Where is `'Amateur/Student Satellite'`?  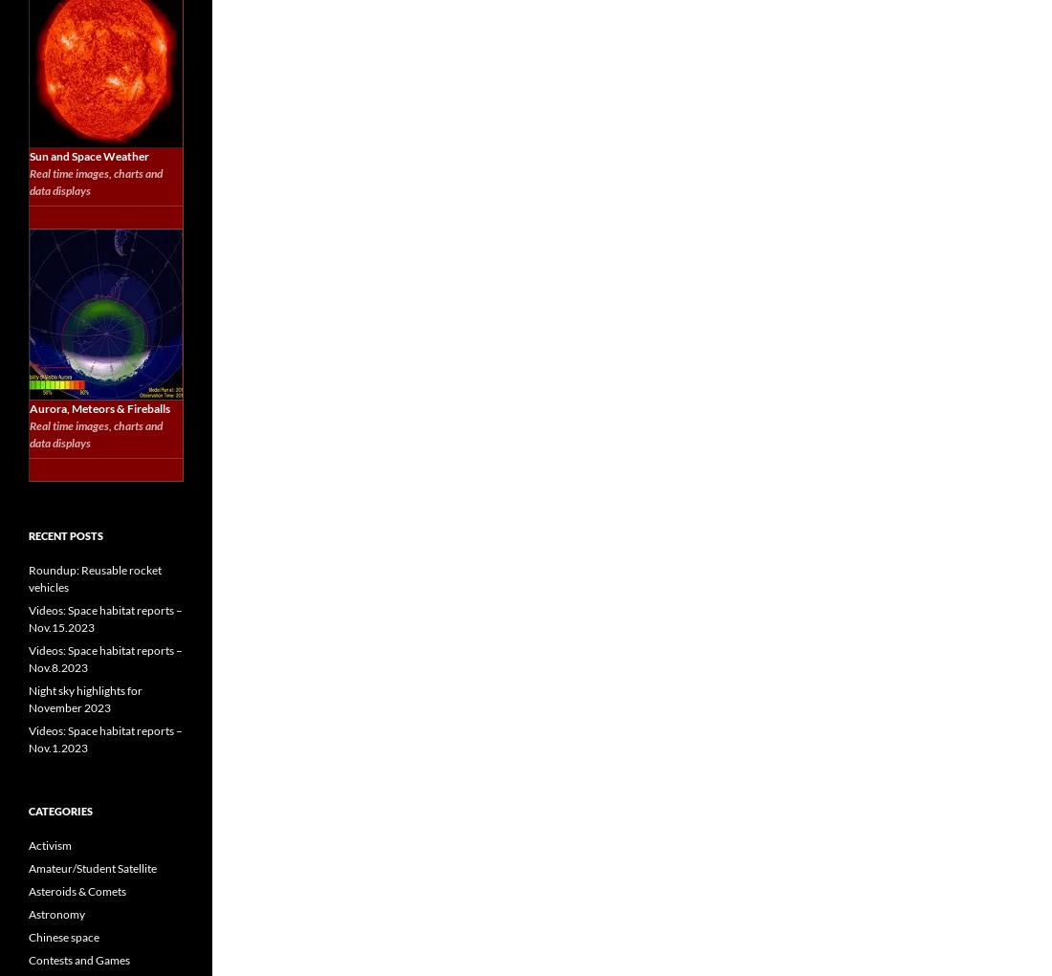 'Amateur/Student Satellite' is located at coordinates (93, 868).